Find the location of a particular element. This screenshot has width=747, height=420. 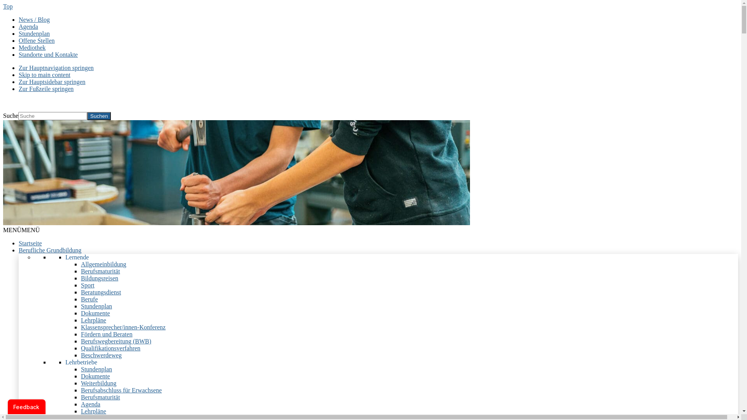

'Dokumente' is located at coordinates (95, 313).